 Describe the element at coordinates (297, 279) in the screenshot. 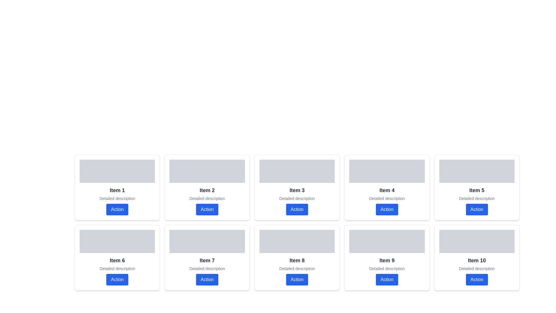

I see `the interactive button located below the text descriptions of 'Item 8' and 'Detailed description'` at that location.